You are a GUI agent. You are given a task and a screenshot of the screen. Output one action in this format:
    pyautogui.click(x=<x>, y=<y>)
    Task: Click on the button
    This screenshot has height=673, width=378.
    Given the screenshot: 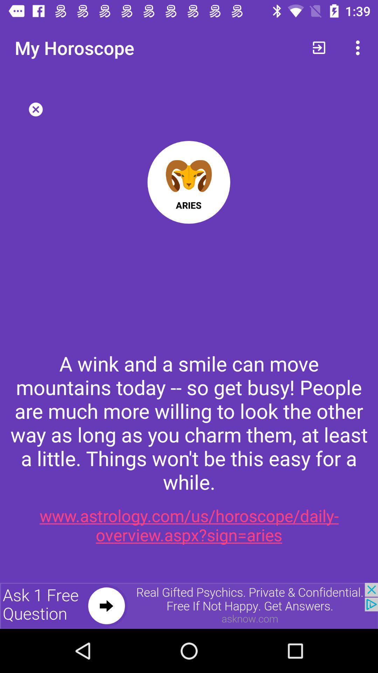 What is the action you would take?
    pyautogui.click(x=36, y=109)
    